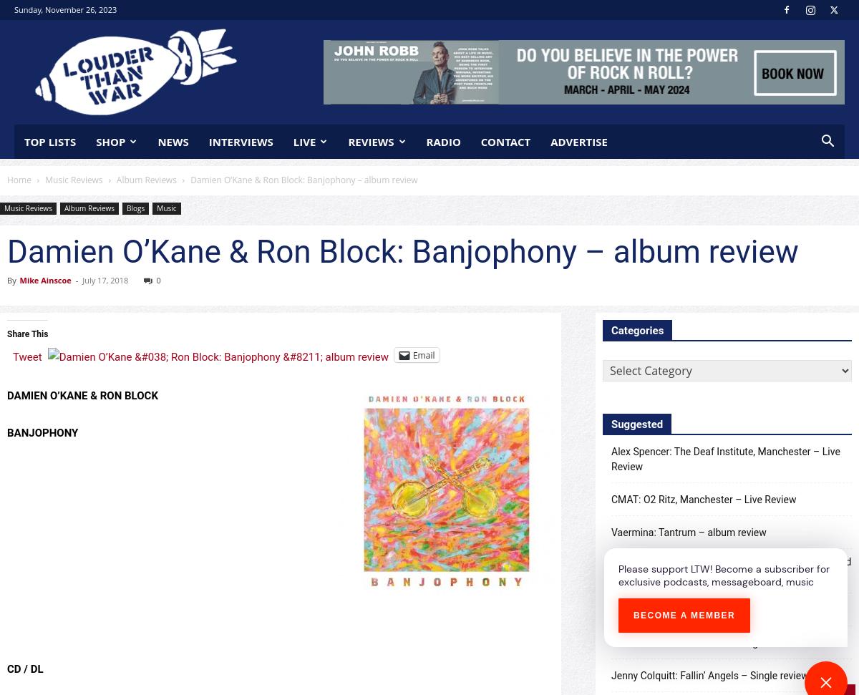 This screenshot has width=859, height=695. What do you see at coordinates (428, 71) in the screenshot?
I see `'Search'` at bounding box center [428, 71].